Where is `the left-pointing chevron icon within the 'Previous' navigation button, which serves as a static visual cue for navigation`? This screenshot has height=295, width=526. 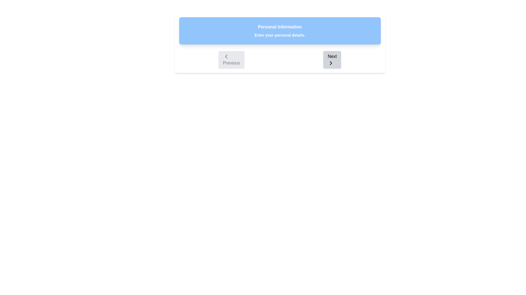 the left-pointing chevron icon within the 'Previous' navigation button, which serves as a static visual cue for navigation is located at coordinates (226, 57).